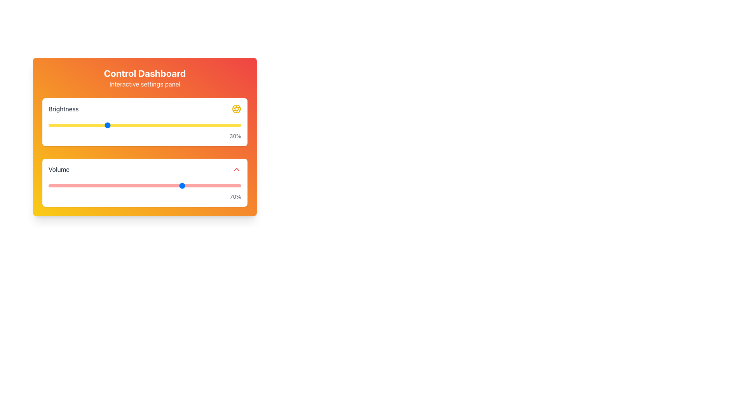 This screenshot has height=419, width=746. Describe the element at coordinates (150, 185) in the screenshot. I see `the volume slider` at that location.